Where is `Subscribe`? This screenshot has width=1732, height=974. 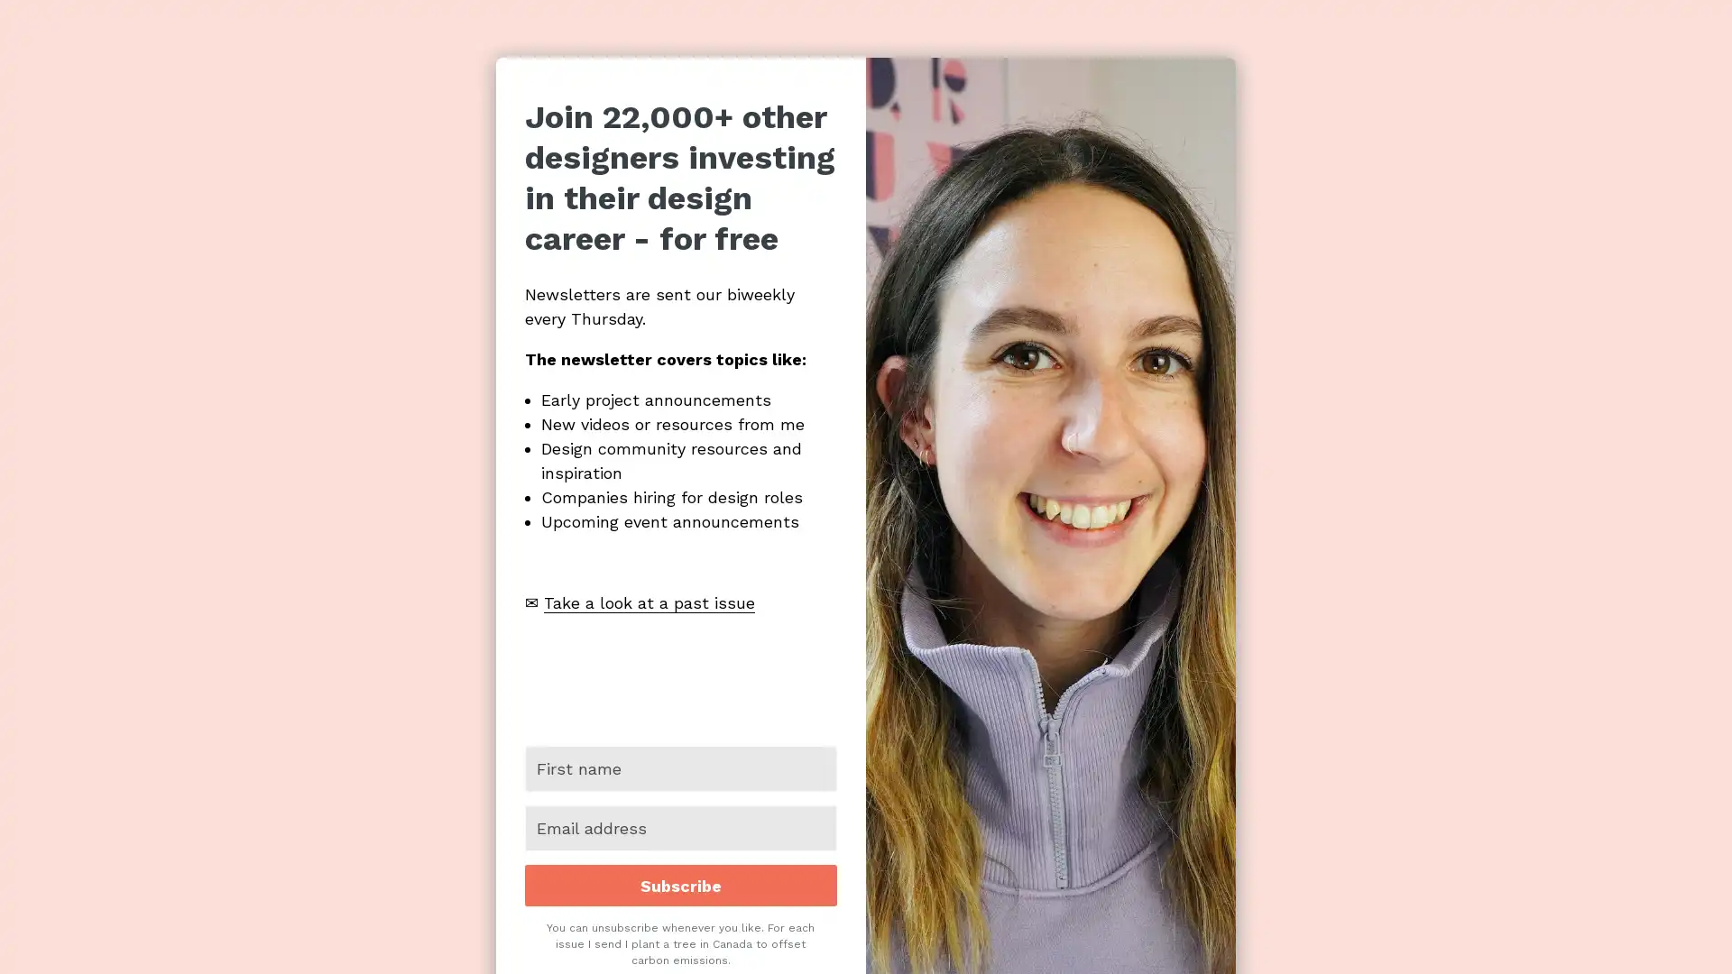 Subscribe is located at coordinates (679, 885).